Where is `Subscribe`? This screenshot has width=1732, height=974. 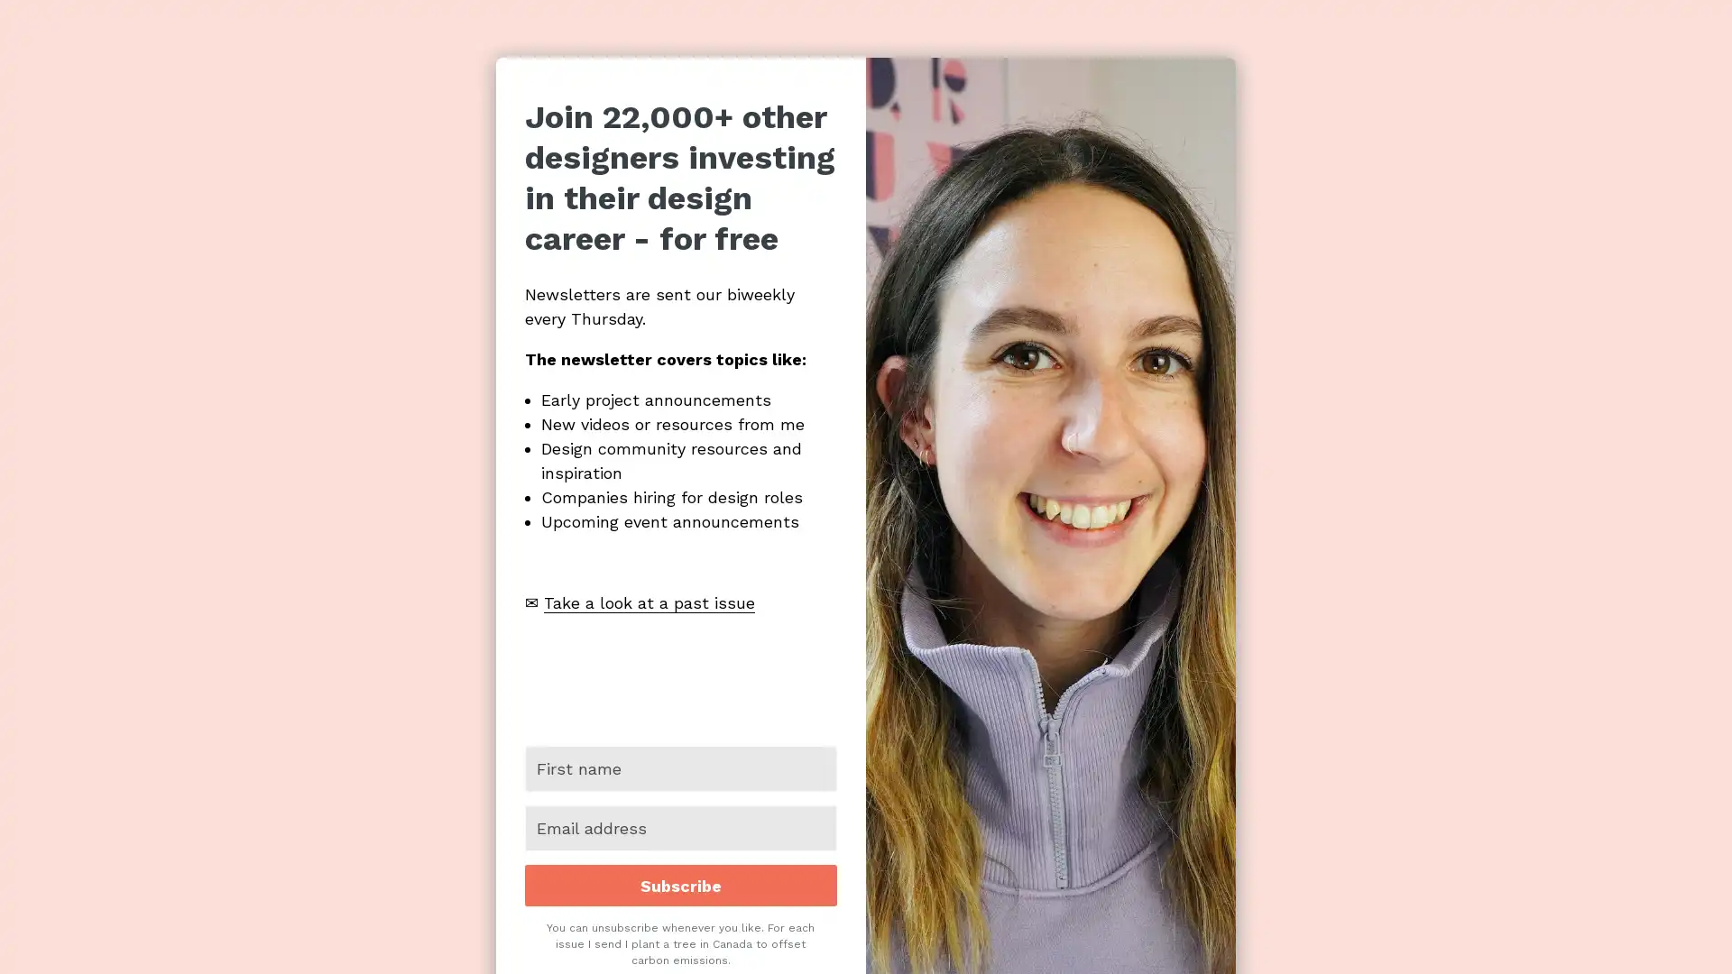 Subscribe is located at coordinates (679, 885).